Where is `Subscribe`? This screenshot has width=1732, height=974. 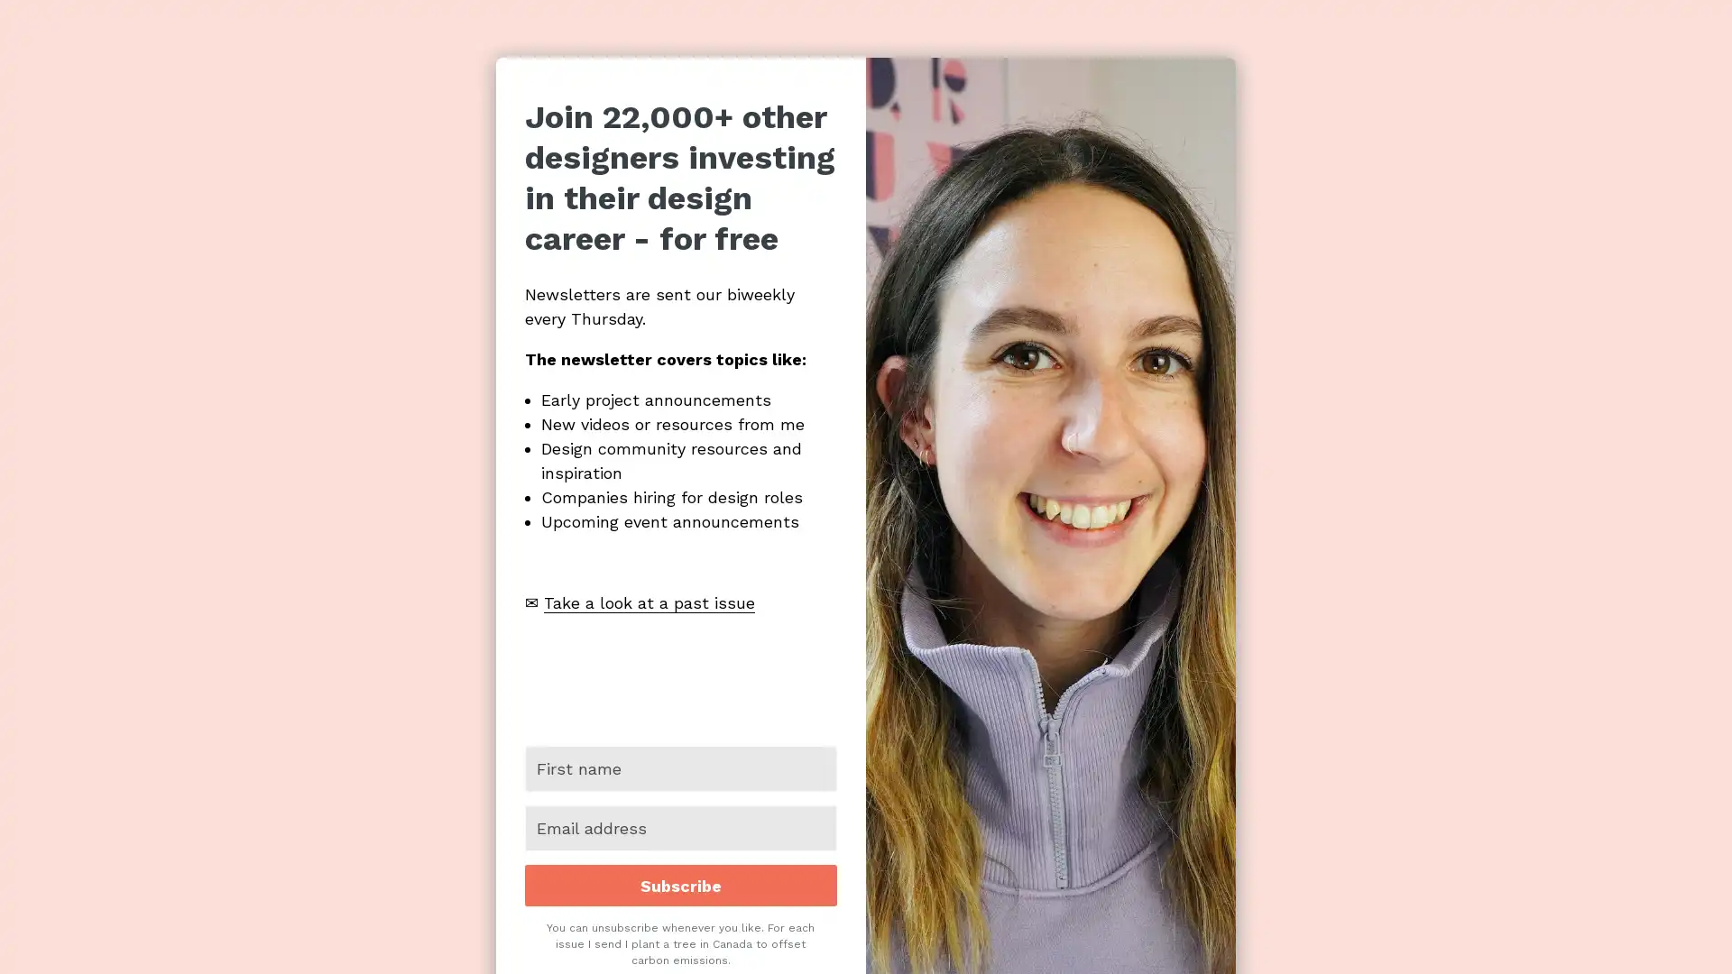 Subscribe is located at coordinates (679, 885).